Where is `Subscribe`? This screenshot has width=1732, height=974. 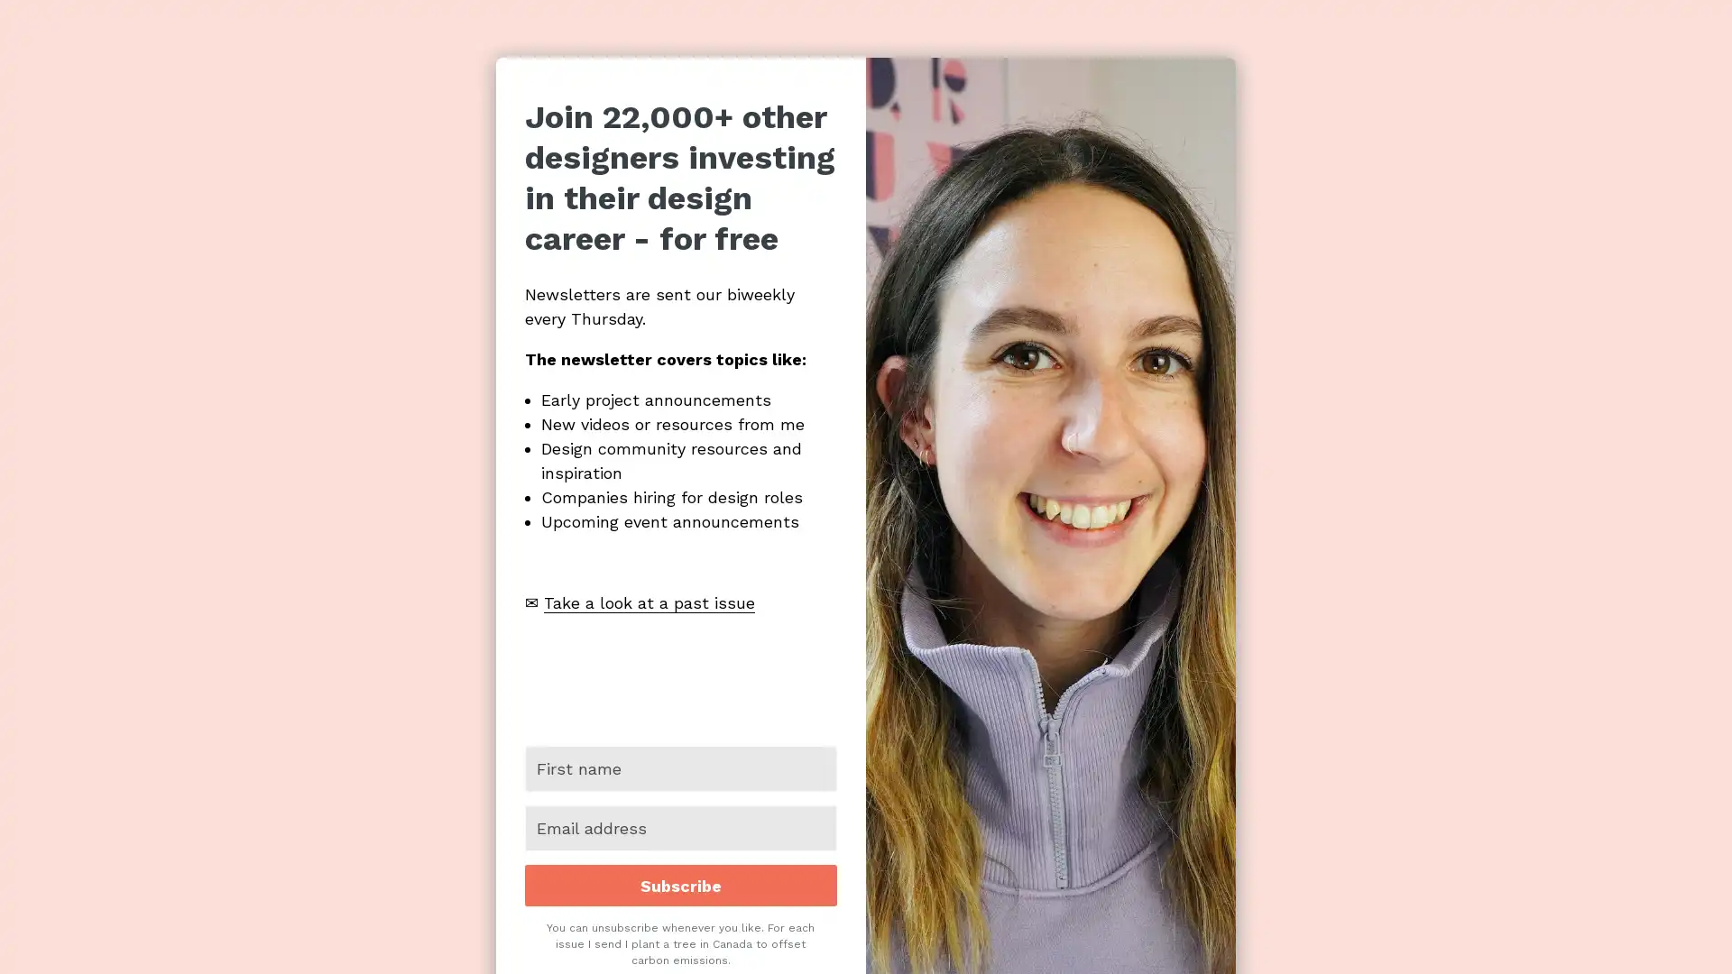 Subscribe is located at coordinates (679, 885).